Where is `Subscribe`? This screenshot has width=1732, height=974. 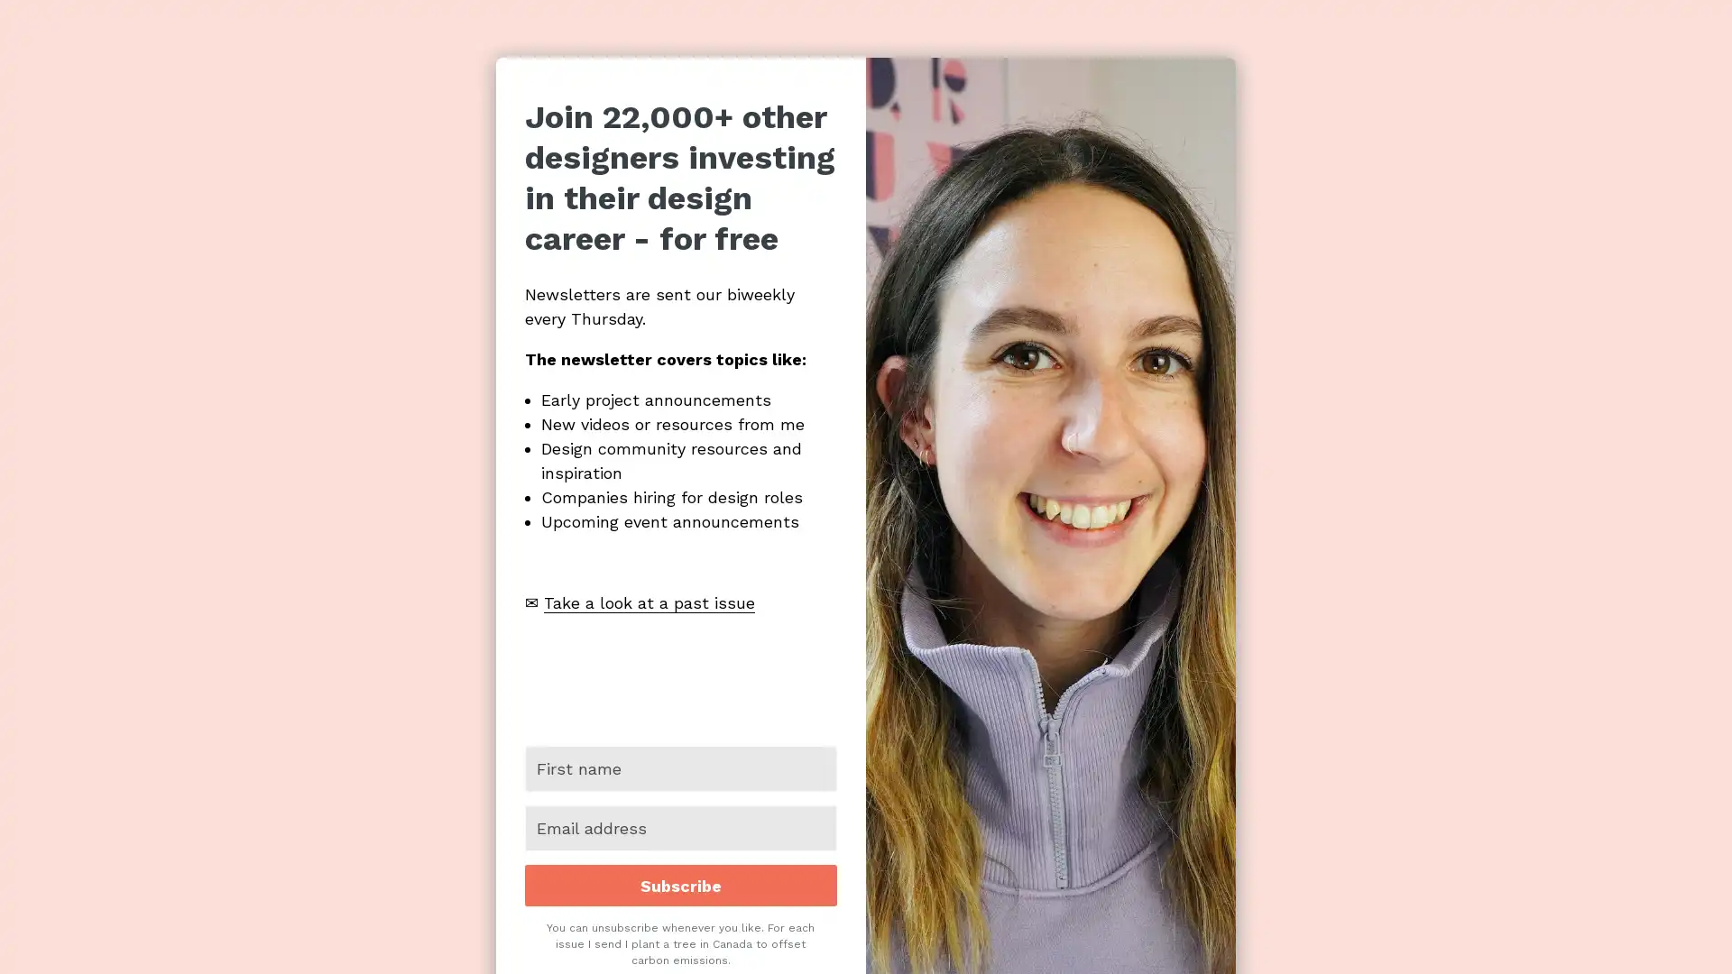 Subscribe is located at coordinates (679, 885).